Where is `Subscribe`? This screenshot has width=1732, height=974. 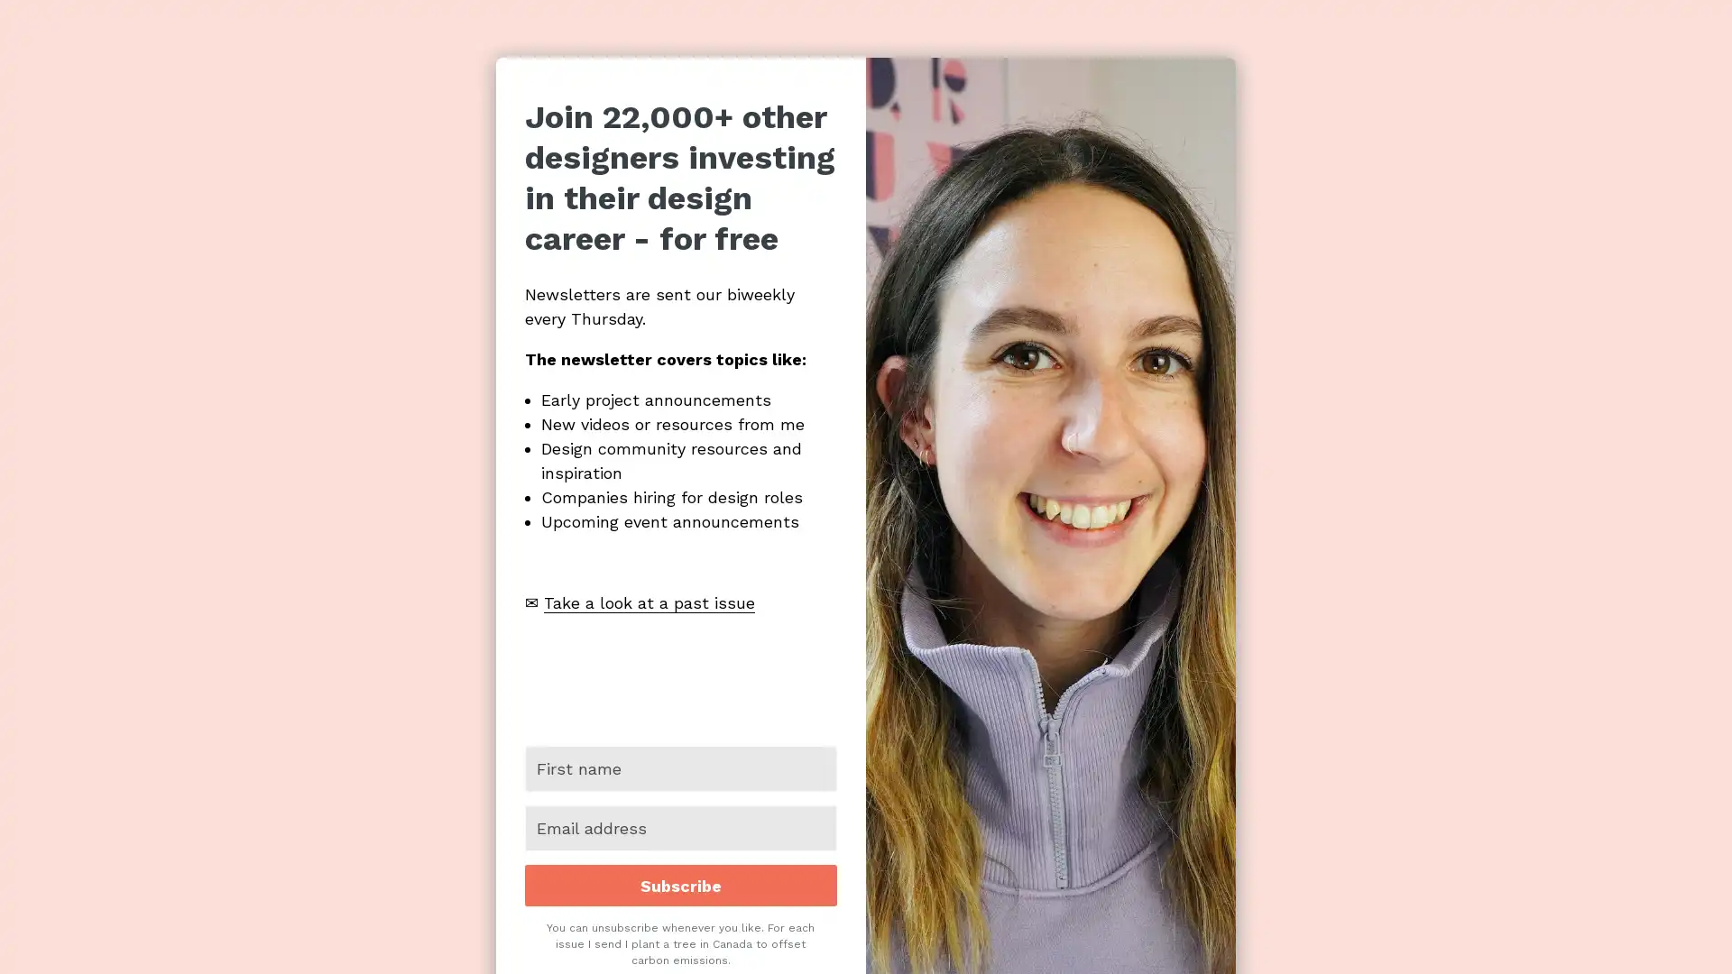 Subscribe is located at coordinates (679, 885).